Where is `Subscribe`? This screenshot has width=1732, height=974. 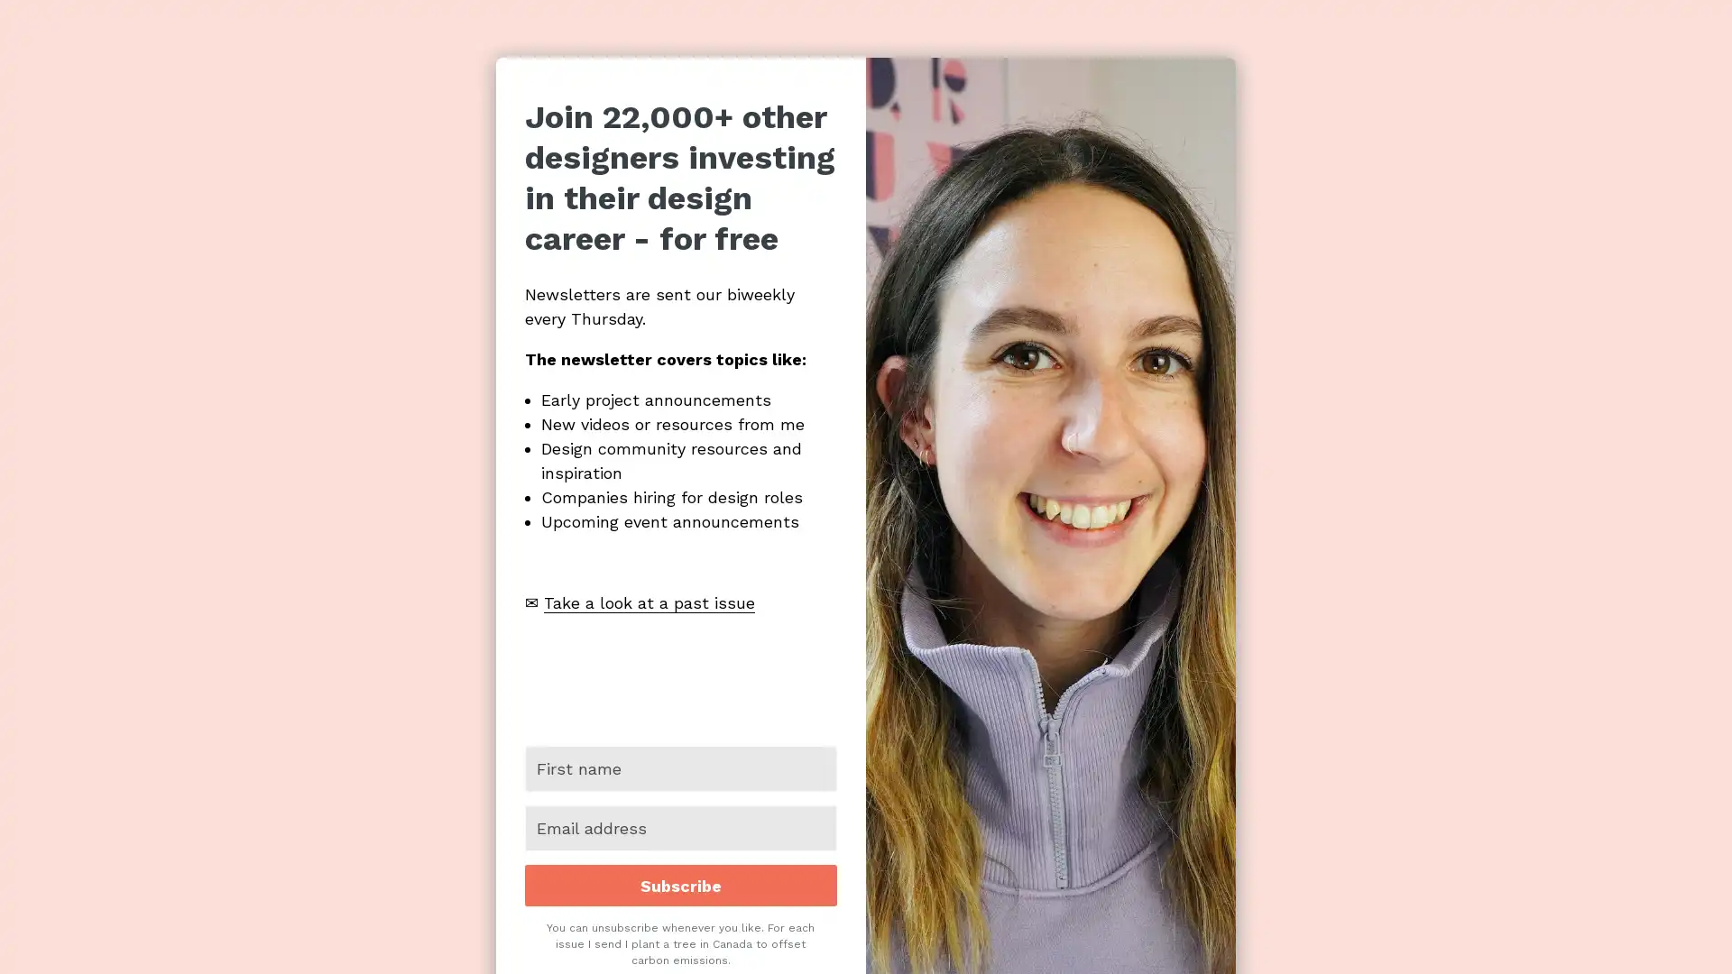 Subscribe is located at coordinates (679, 885).